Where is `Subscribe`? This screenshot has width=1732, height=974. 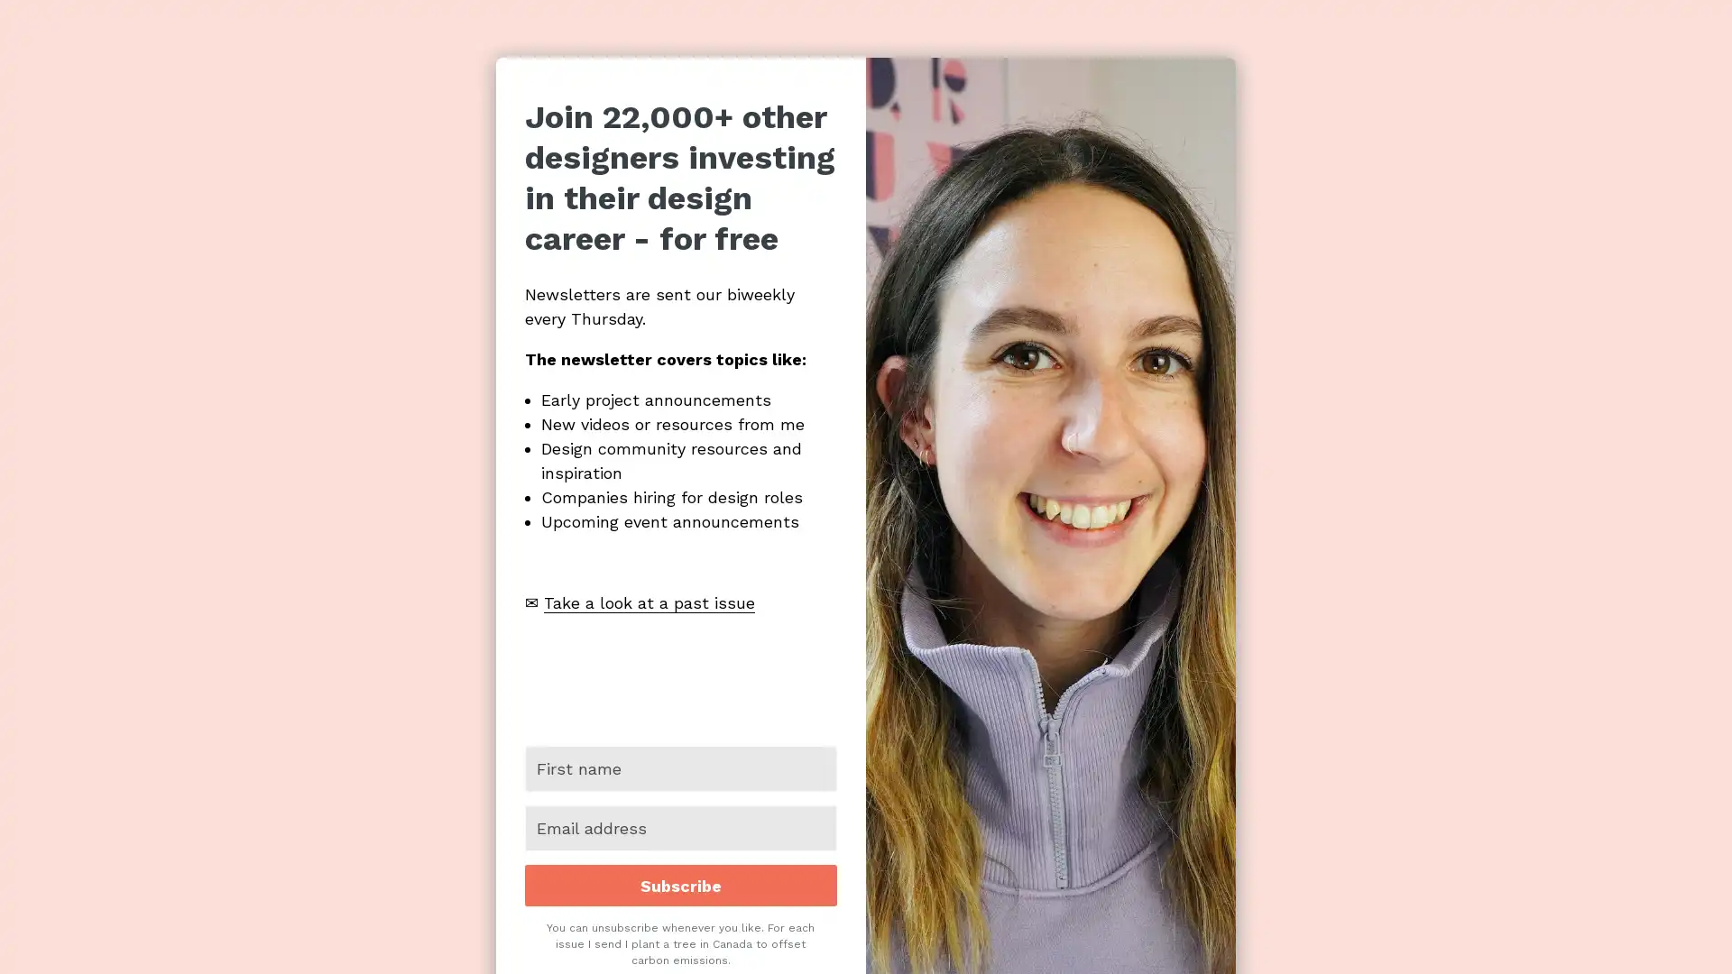 Subscribe is located at coordinates (679, 885).